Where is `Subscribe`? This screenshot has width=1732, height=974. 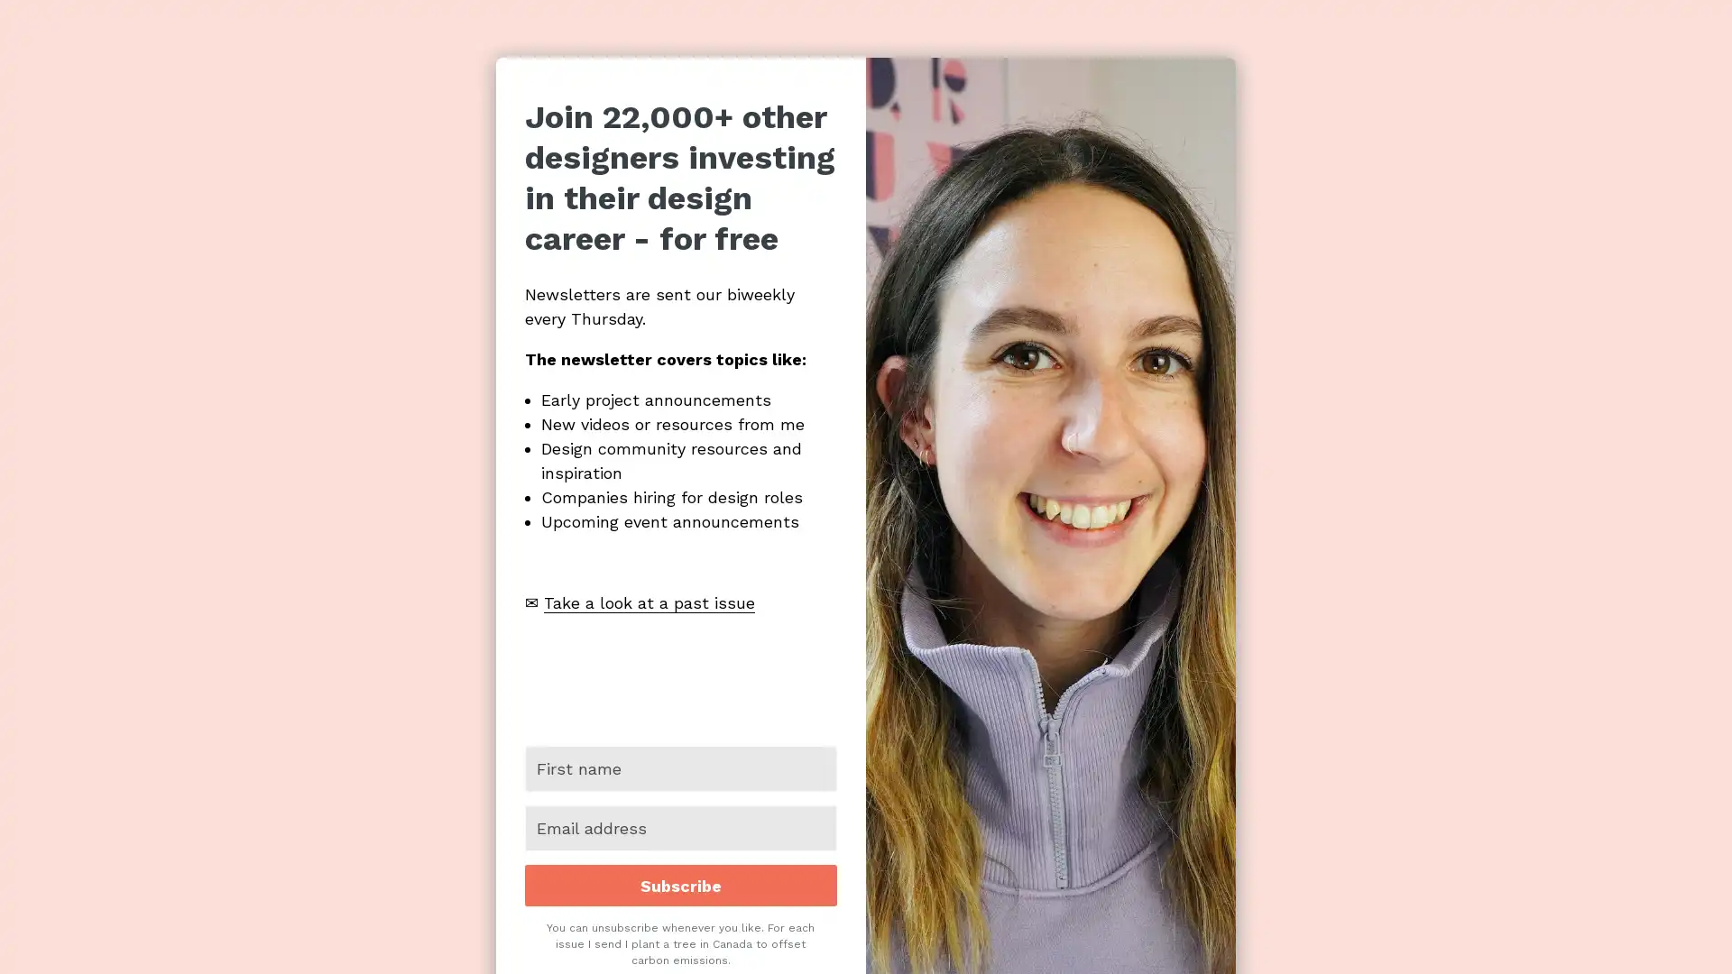 Subscribe is located at coordinates (679, 885).